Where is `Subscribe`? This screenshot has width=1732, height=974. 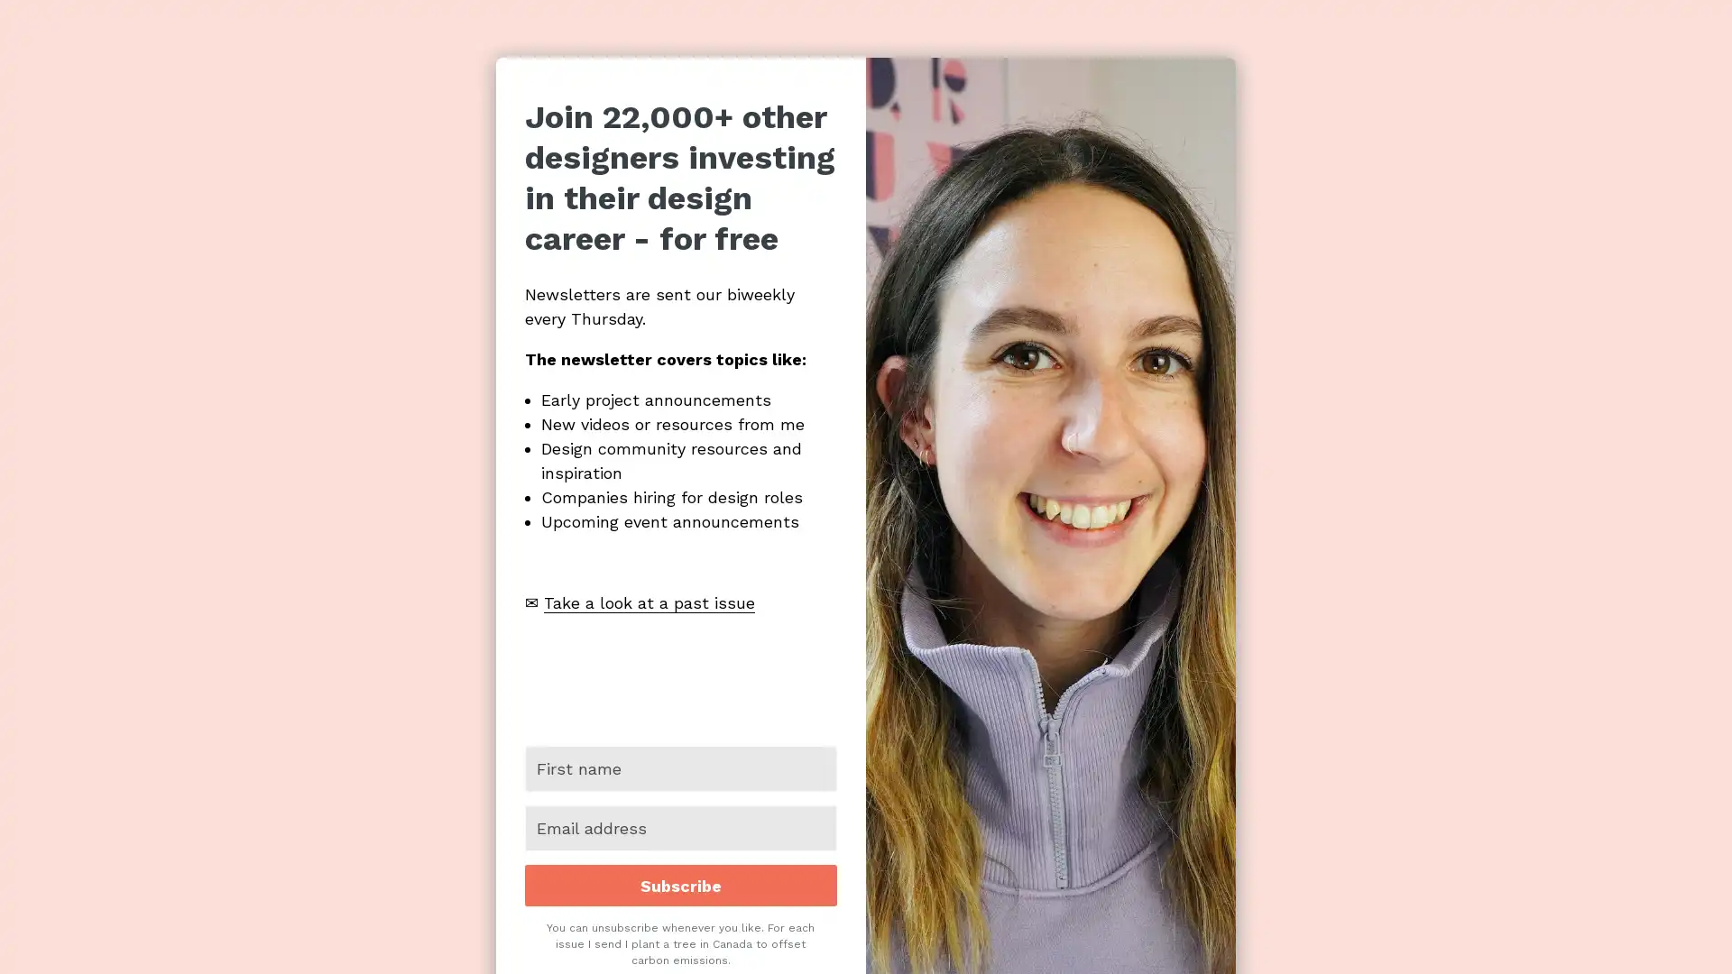 Subscribe is located at coordinates (679, 885).